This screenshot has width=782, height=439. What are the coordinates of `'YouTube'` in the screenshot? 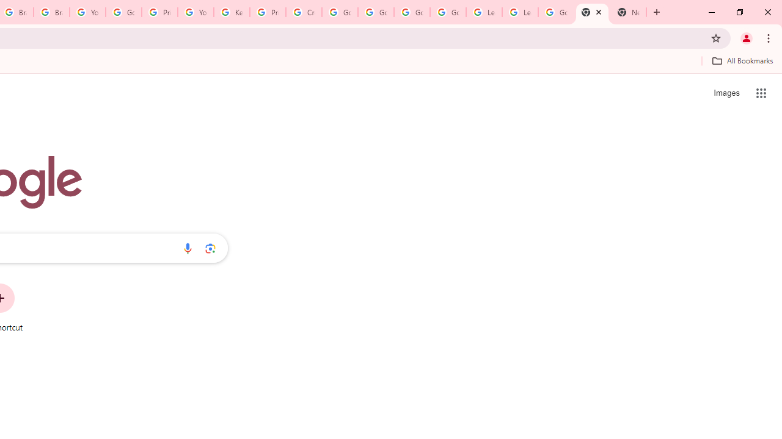 It's located at (87, 12).